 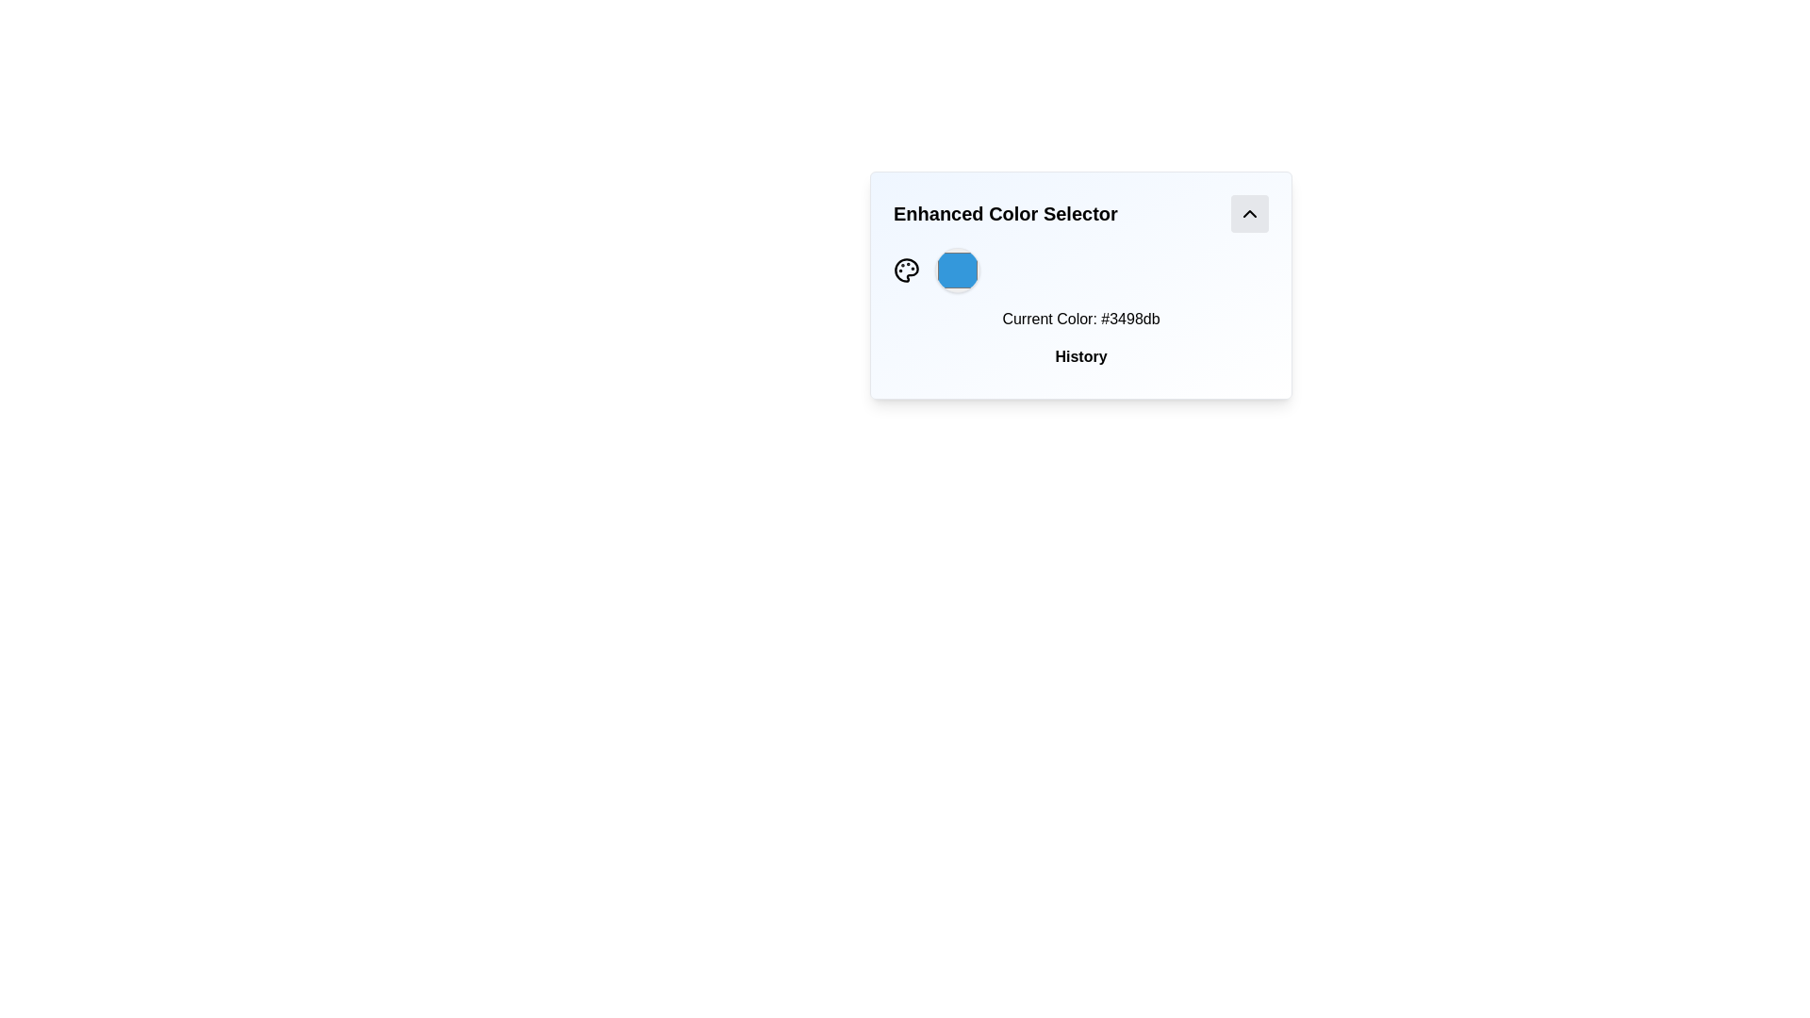 I want to click on the upward-facing chevron icon in the top-right corner of the 'Enhanced Color Selector' card, so click(x=1249, y=213).